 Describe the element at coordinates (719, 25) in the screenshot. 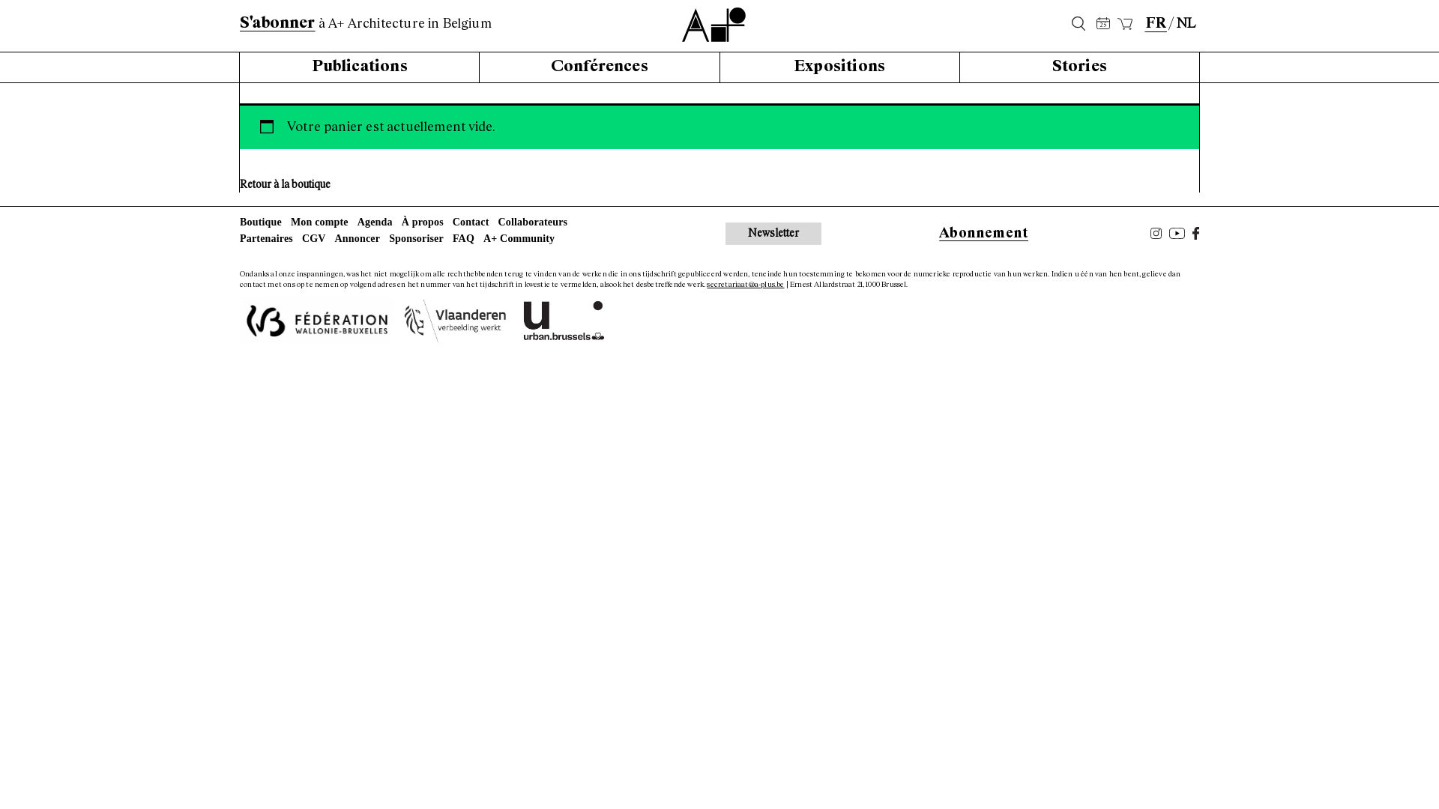

I see `'A+'` at that location.